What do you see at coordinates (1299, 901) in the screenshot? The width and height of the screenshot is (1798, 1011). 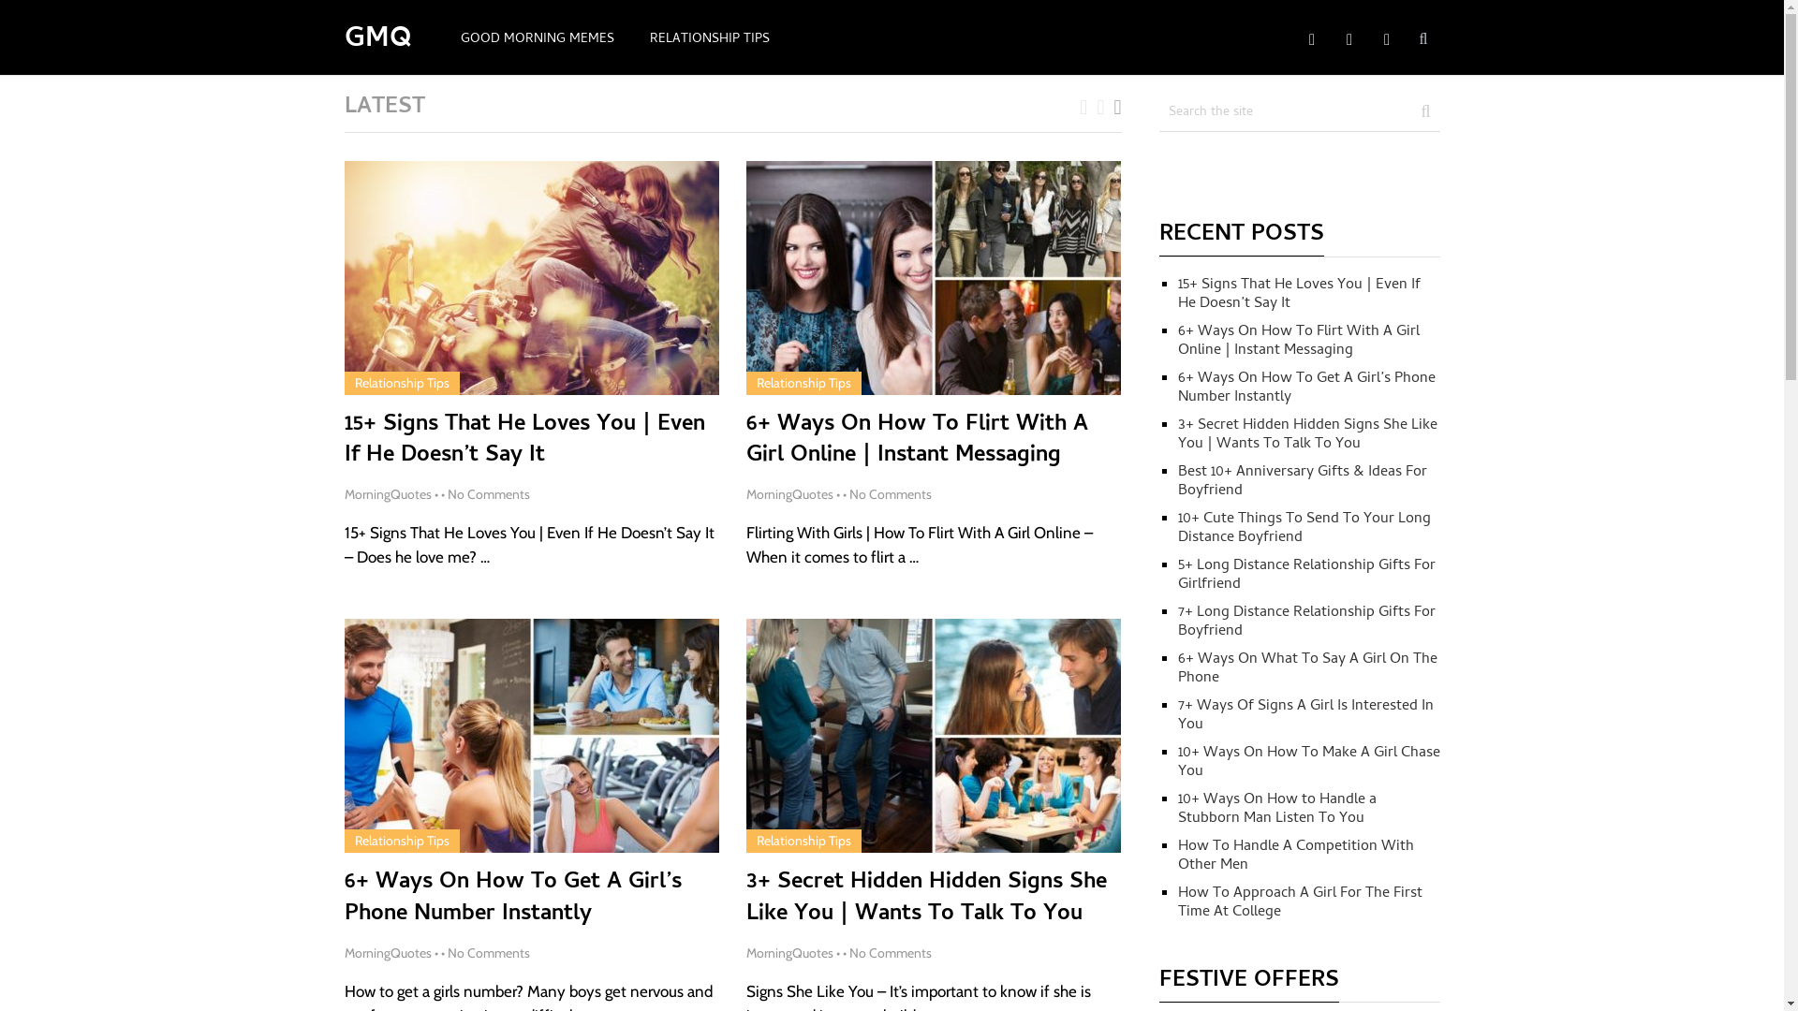 I see `'How To Approach A Girl For The First Time At College'` at bounding box center [1299, 901].